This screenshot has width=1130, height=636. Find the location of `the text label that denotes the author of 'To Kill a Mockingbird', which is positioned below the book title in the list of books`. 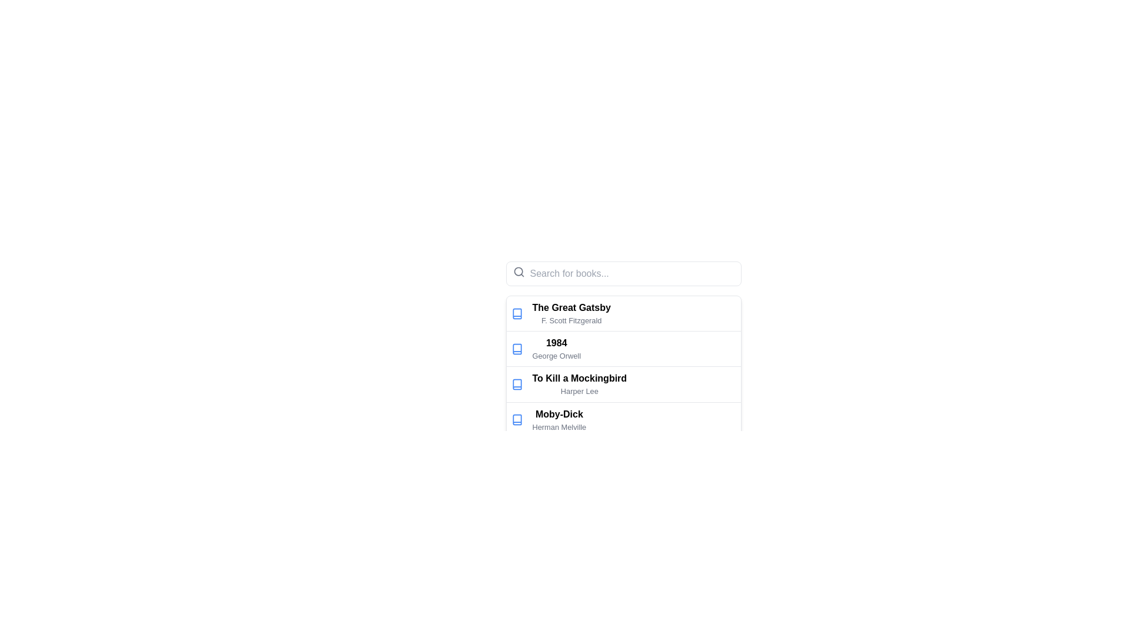

the text label that denotes the author of 'To Kill a Mockingbird', which is positioned below the book title in the list of books is located at coordinates (579, 391).